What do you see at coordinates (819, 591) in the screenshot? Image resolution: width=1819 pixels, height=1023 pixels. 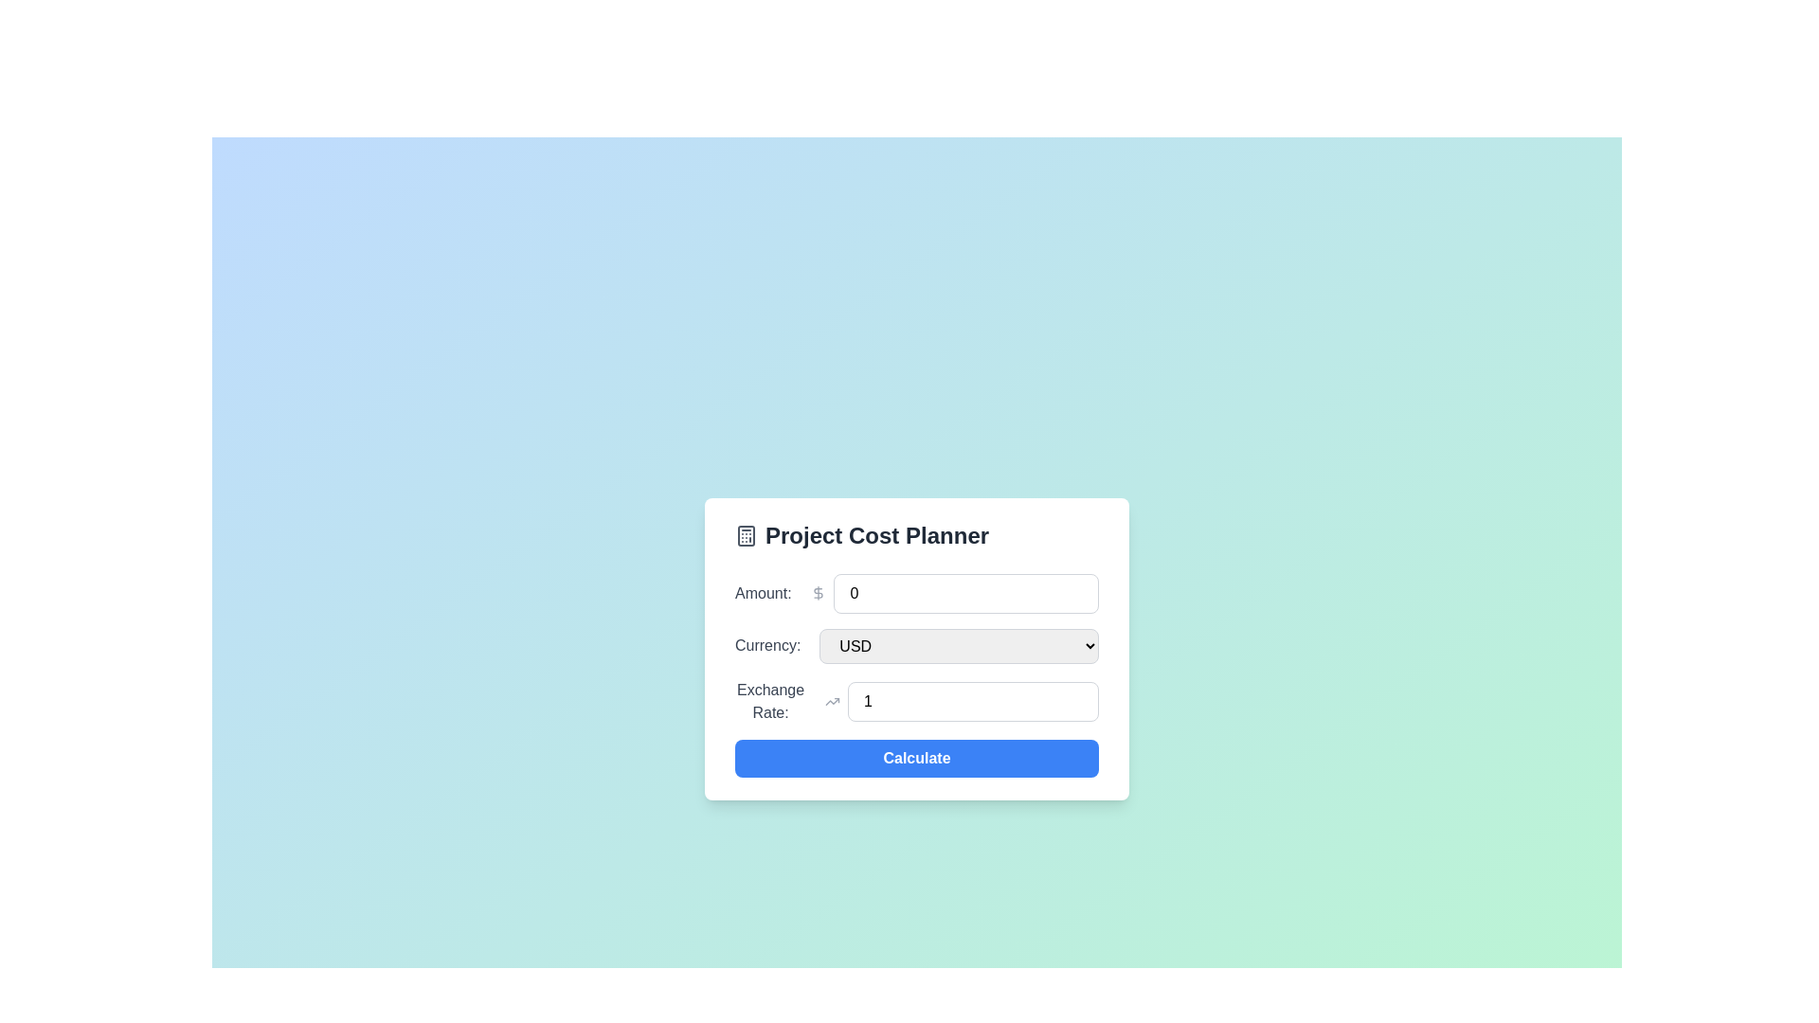 I see `the grayscale dollar sign SVG icon located to the left of the 'Amount:' input box` at bounding box center [819, 591].